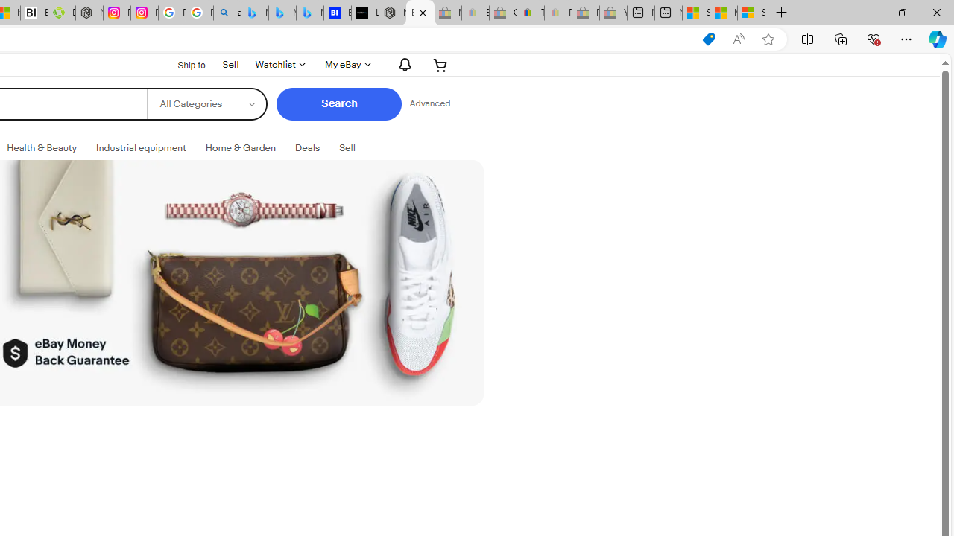 The width and height of the screenshot is (954, 536). Describe the element at coordinates (254, 13) in the screenshot. I see `'Microsoft Bing Travel - Flights from Hong Kong to Bangkok'` at that location.